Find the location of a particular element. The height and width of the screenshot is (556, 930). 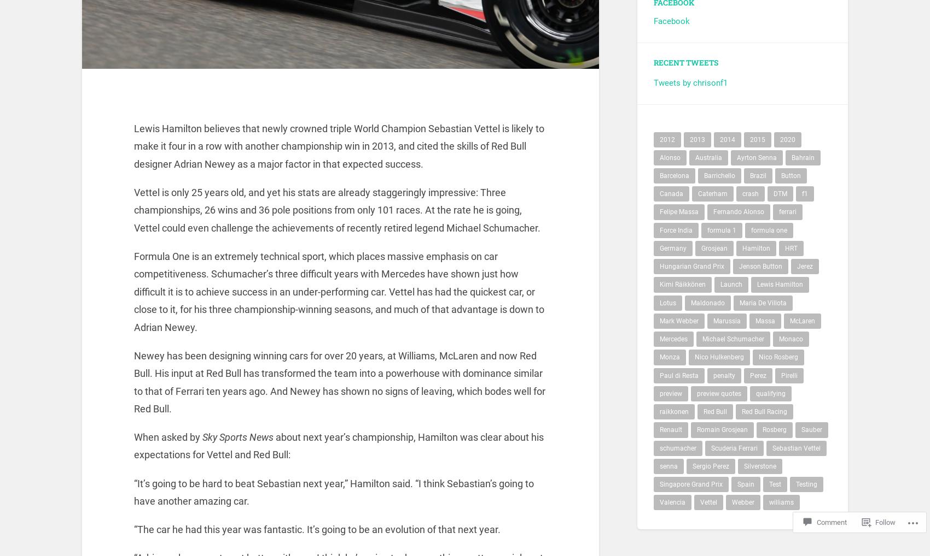

'ferrari' is located at coordinates (787, 218).